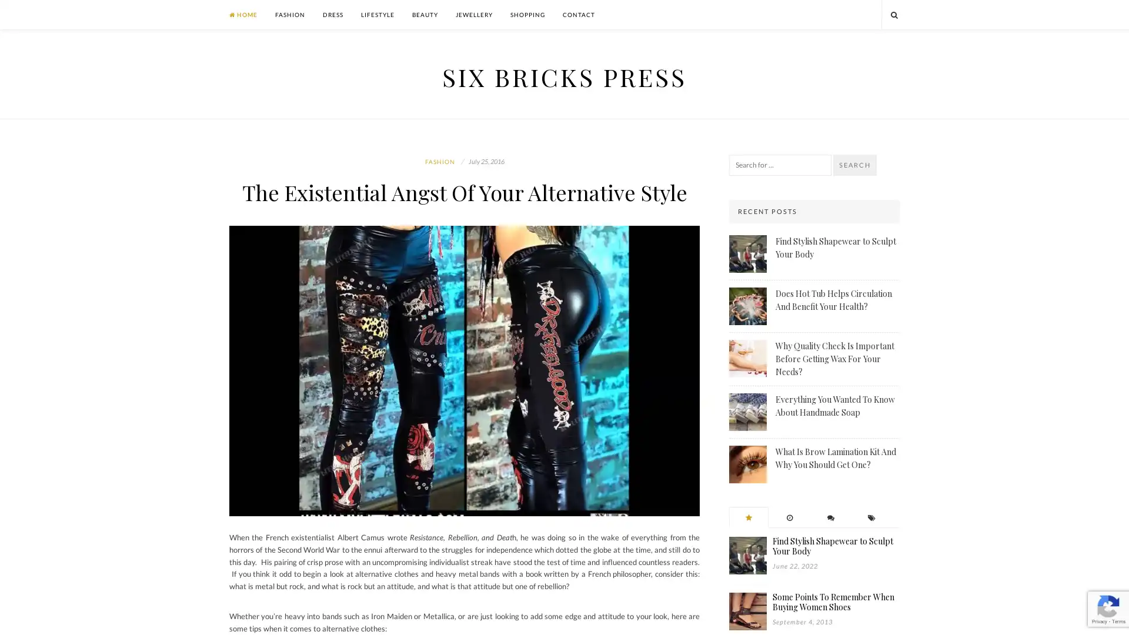 Image resolution: width=1129 pixels, height=635 pixels. What do you see at coordinates (855, 165) in the screenshot?
I see `SEARCH` at bounding box center [855, 165].